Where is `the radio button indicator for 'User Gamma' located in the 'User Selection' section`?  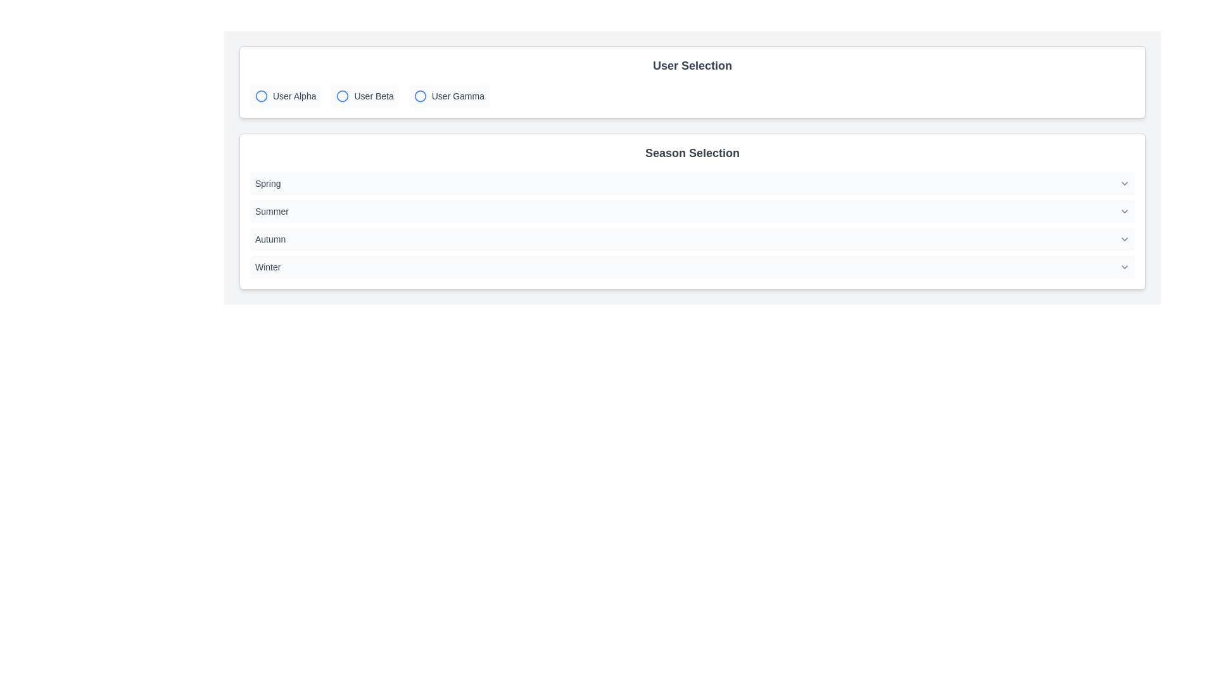
the radio button indicator for 'User Gamma' located in the 'User Selection' section is located at coordinates (420, 95).